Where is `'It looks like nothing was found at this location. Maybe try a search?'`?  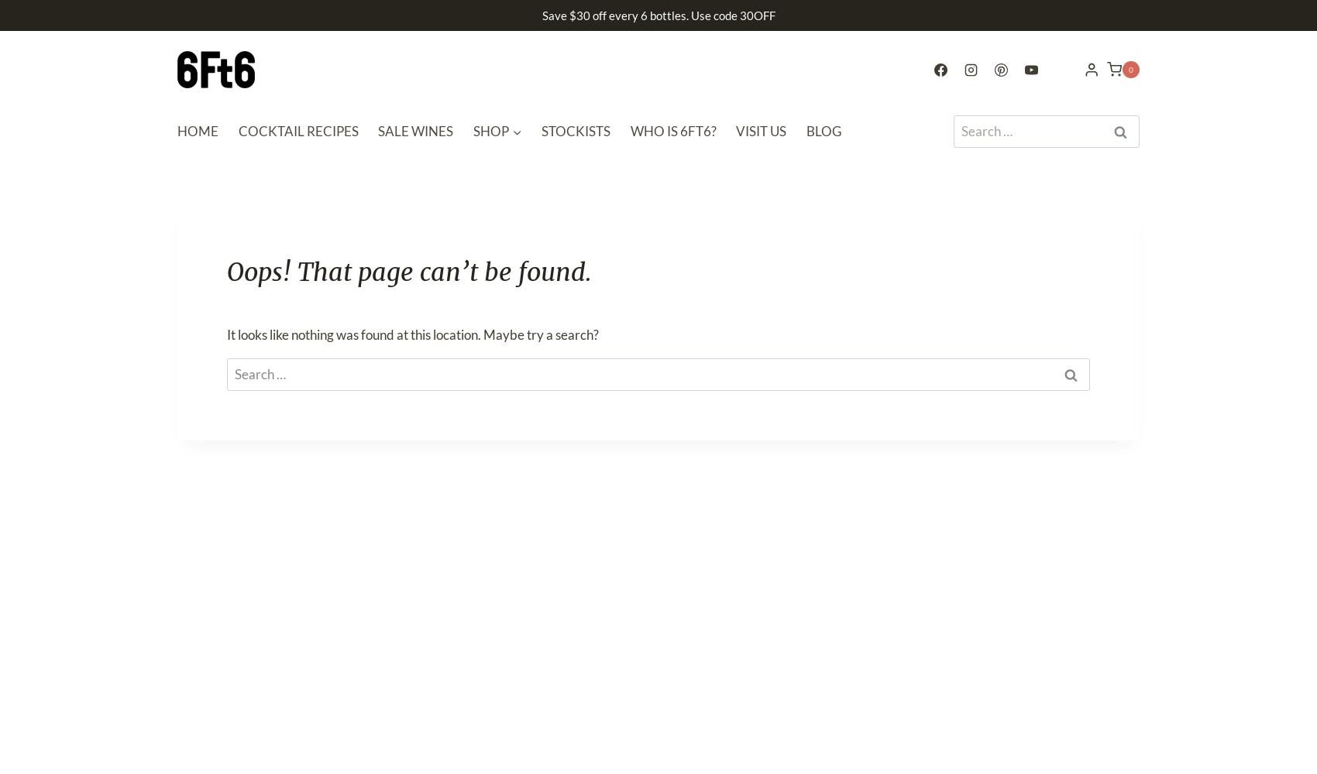 'It looks like nothing was found at this location. Maybe try a search?' is located at coordinates (227, 334).